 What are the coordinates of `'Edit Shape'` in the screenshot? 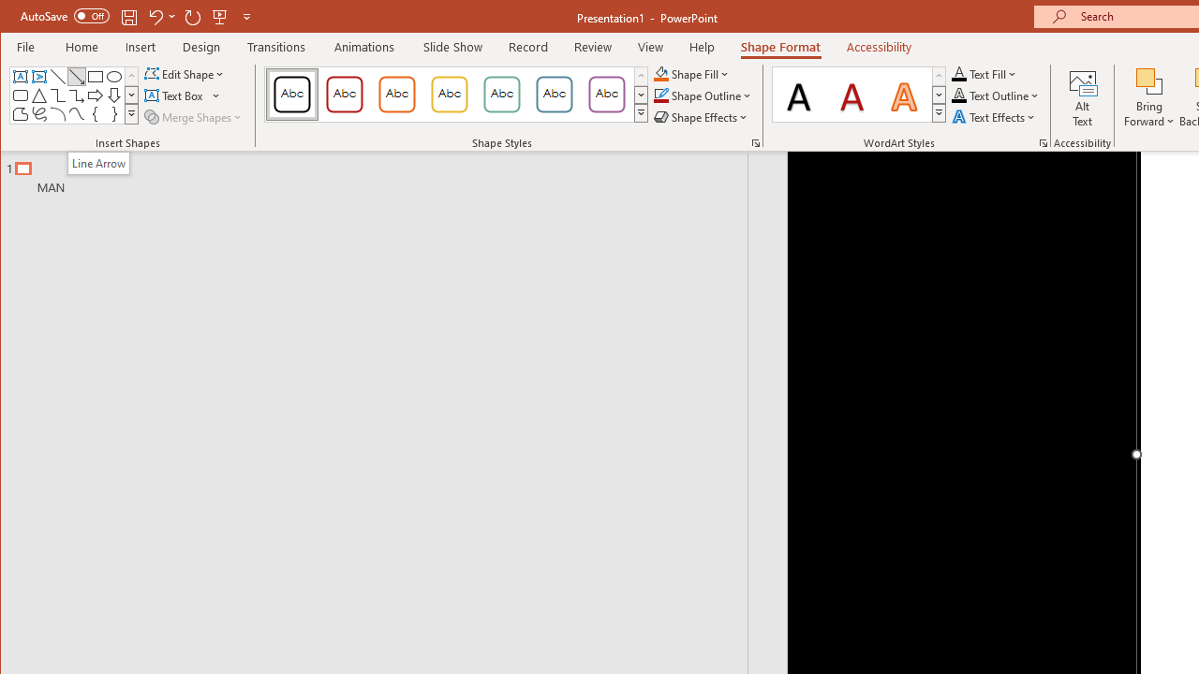 It's located at (185, 73).